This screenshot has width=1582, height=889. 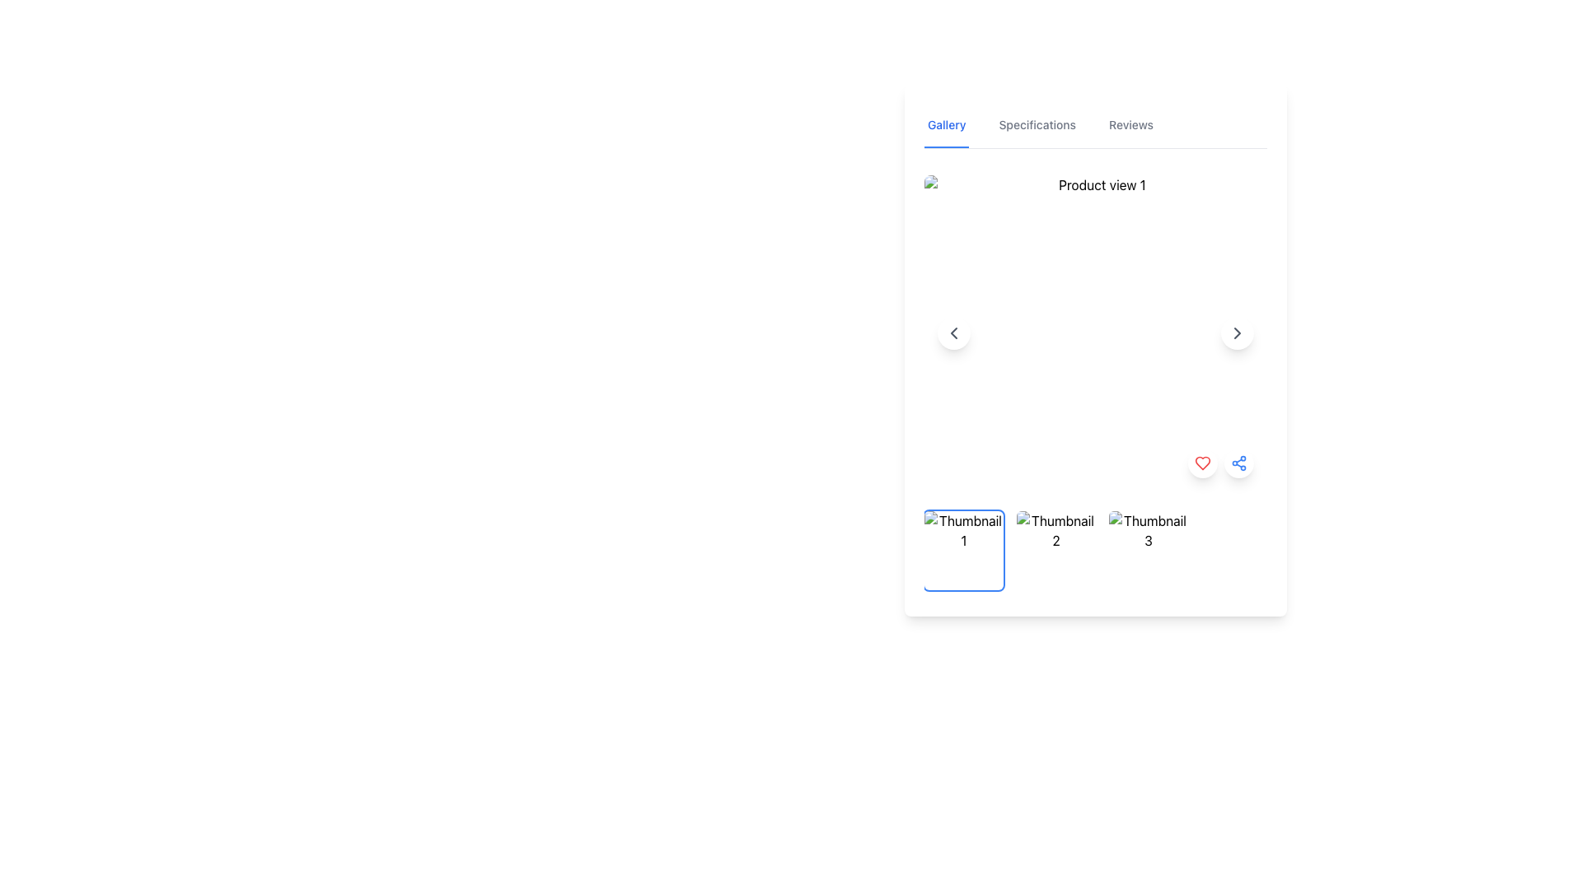 I want to click on the circular button with a right-pointing chevron icon, so click(x=1238, y=333).